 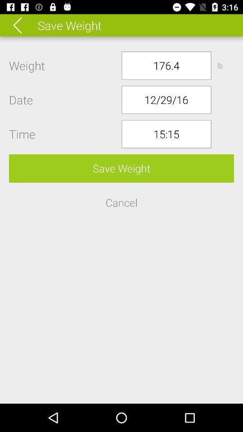 What do you see at coordinates (23, 25) in the screenshot?
I see `navigate to previous screen` at bounding box center [23, 25].